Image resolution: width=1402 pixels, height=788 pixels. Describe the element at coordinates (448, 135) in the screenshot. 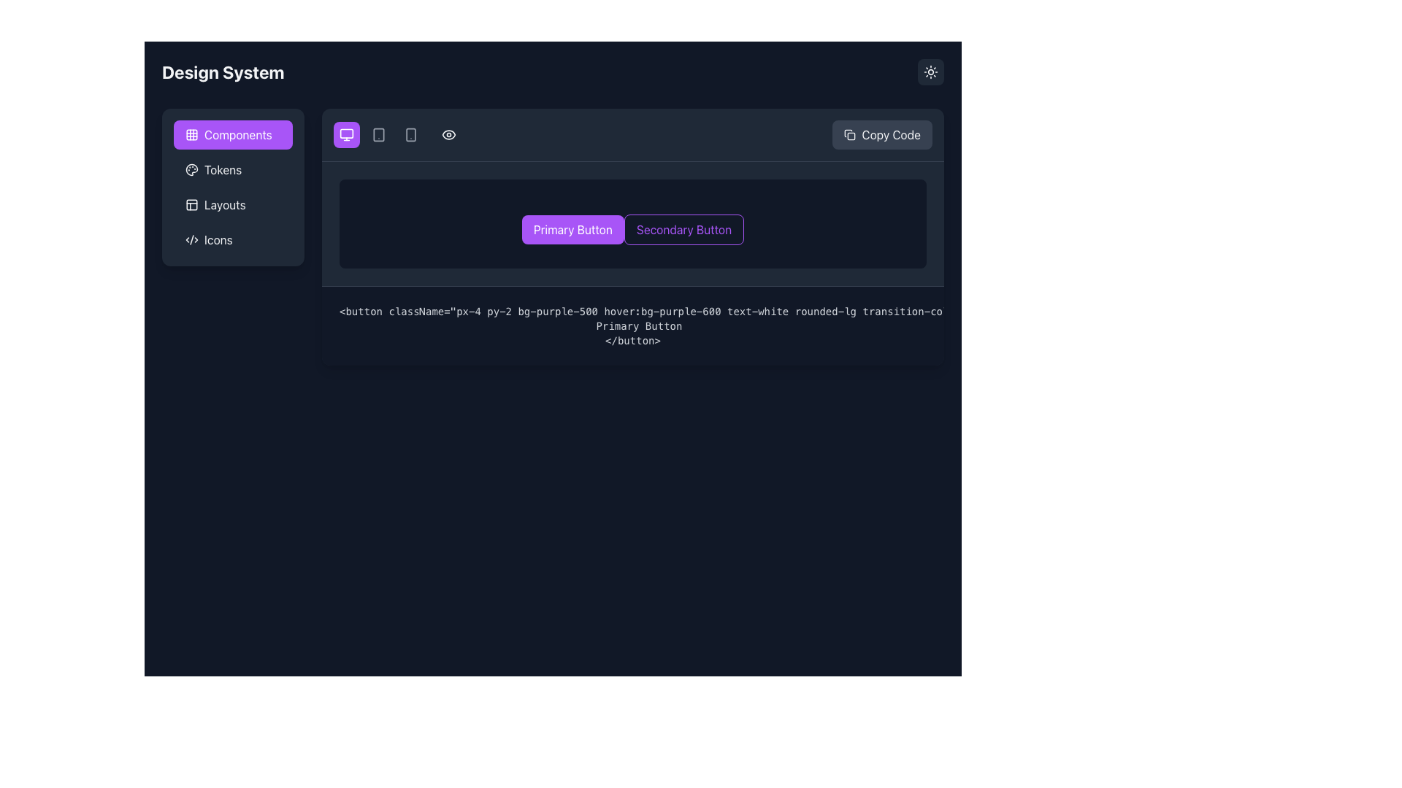

I see `the eye icon in the toolbar` at that location.